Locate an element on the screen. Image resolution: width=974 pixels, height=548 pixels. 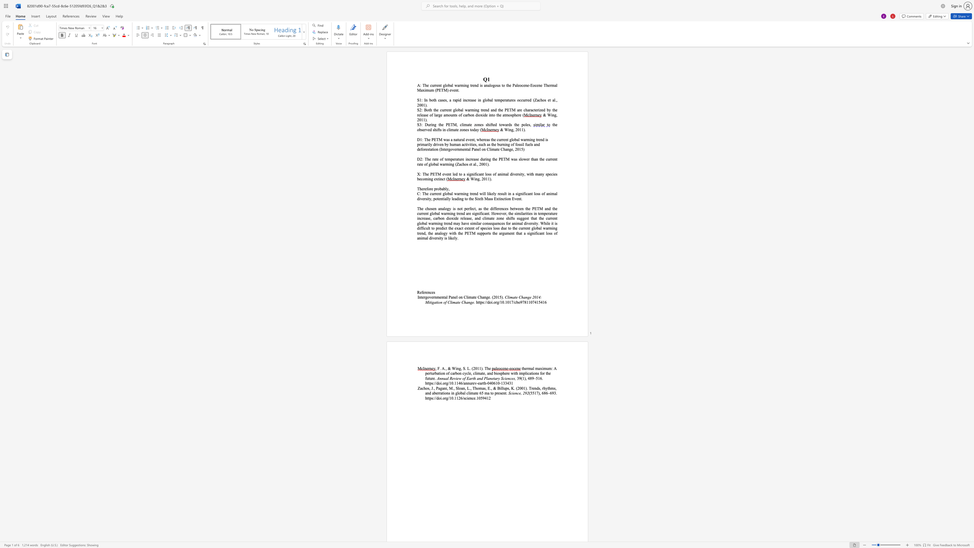
the subset text "ETM event led to a signifi" within the text "X: The PETM event led to a significant loss of animal diversity, with many species becoming extinct (" is located at coordinates (432, 174).